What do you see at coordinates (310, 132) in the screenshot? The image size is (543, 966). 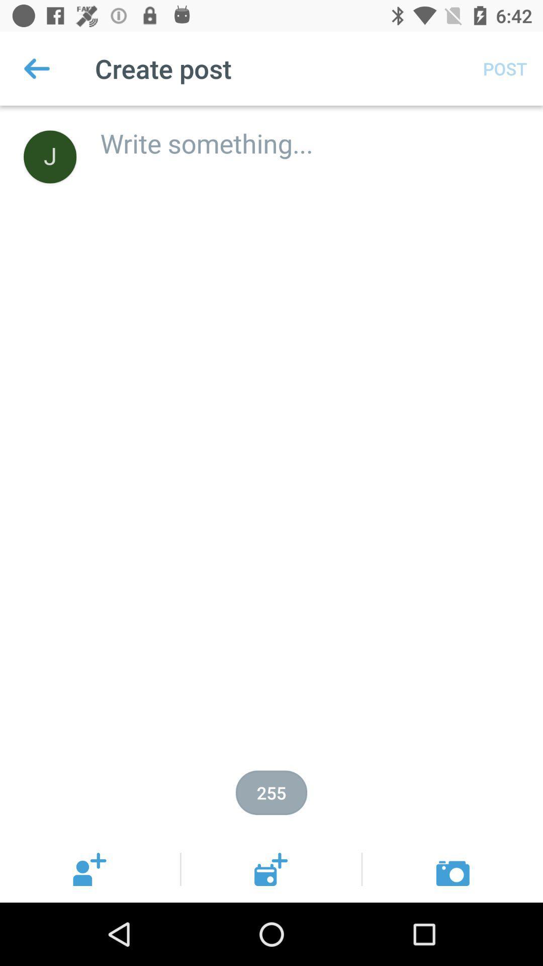 I see `the icon above 255 item` at bounding box center [310, 132].